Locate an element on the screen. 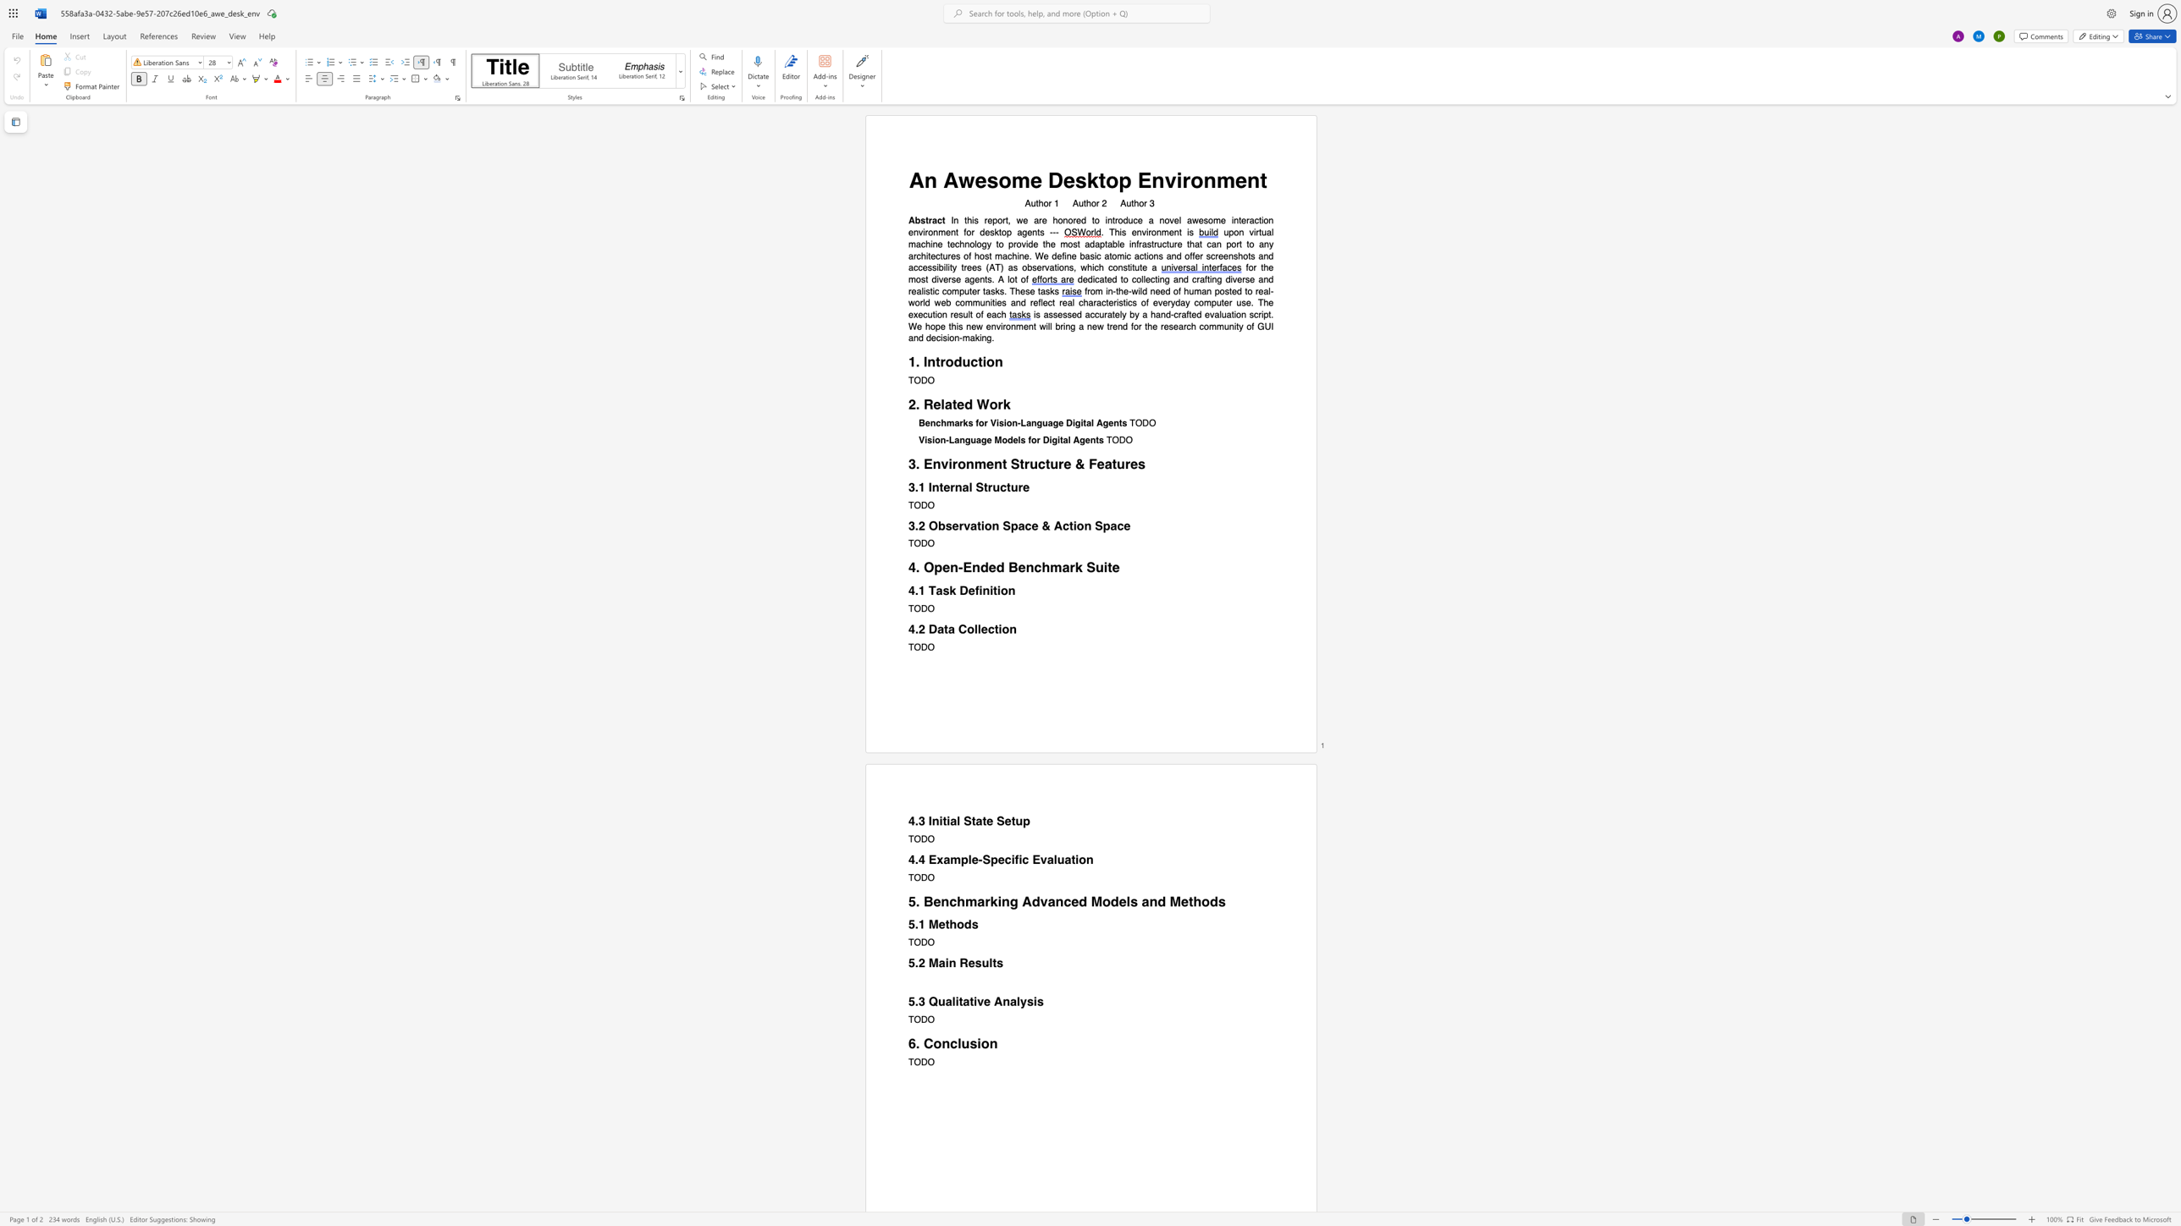 The height and width of the screenshot is (1226, 2181). the space between the continuous character "a" and "s" in the text is located at coordinates (1047, 315).